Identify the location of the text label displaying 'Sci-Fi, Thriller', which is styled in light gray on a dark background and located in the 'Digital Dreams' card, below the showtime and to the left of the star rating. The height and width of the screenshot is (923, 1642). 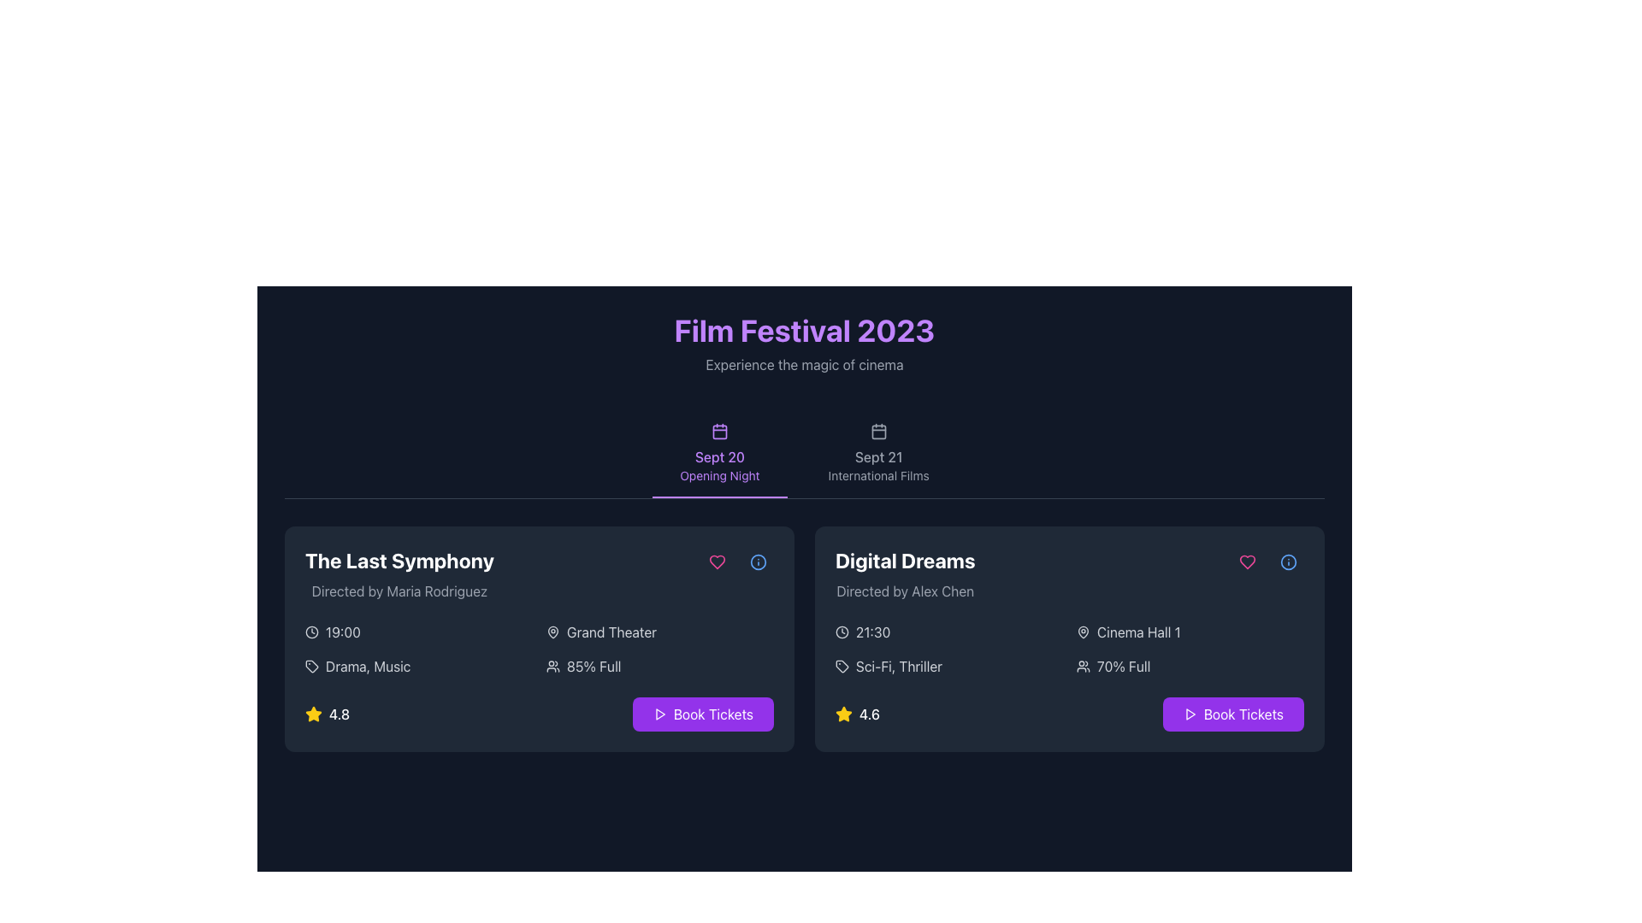
(898, 665).